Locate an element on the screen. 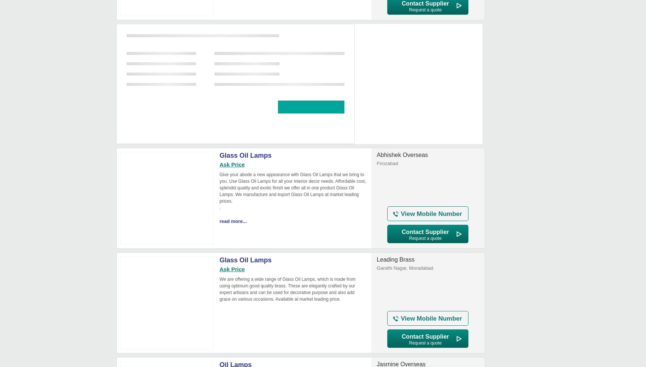 This screenshot has width=646, height=367. 'Gandhi Nagar, Moradabad' is located at coordinates (376, 268).